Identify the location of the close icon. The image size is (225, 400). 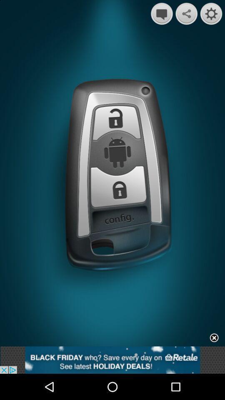
(214, 361).